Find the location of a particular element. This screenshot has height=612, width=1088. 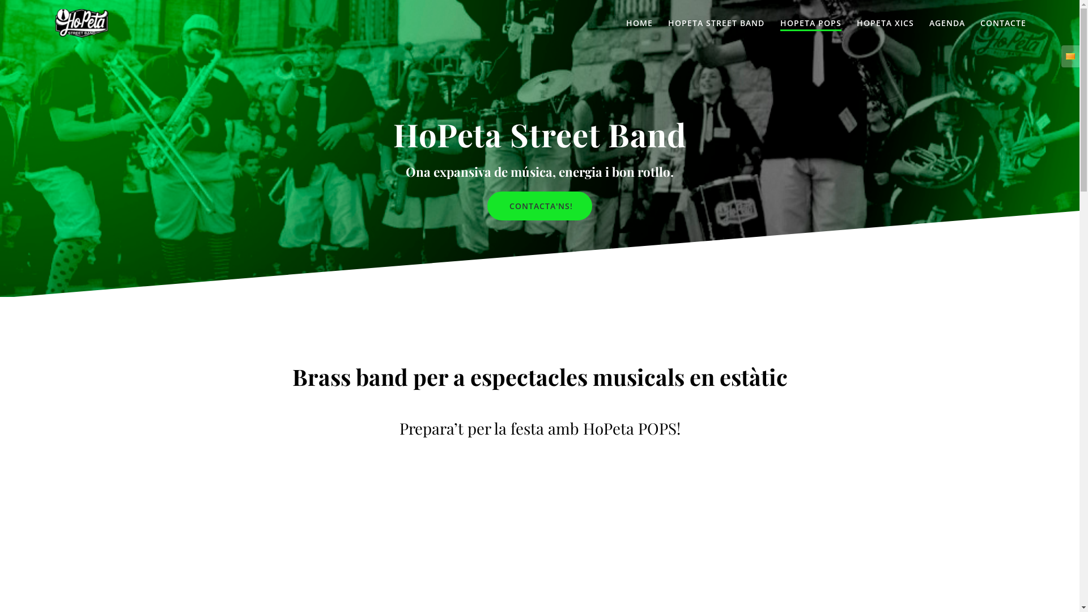

'HOPETA XICS' is located at coordinates (857, 24).